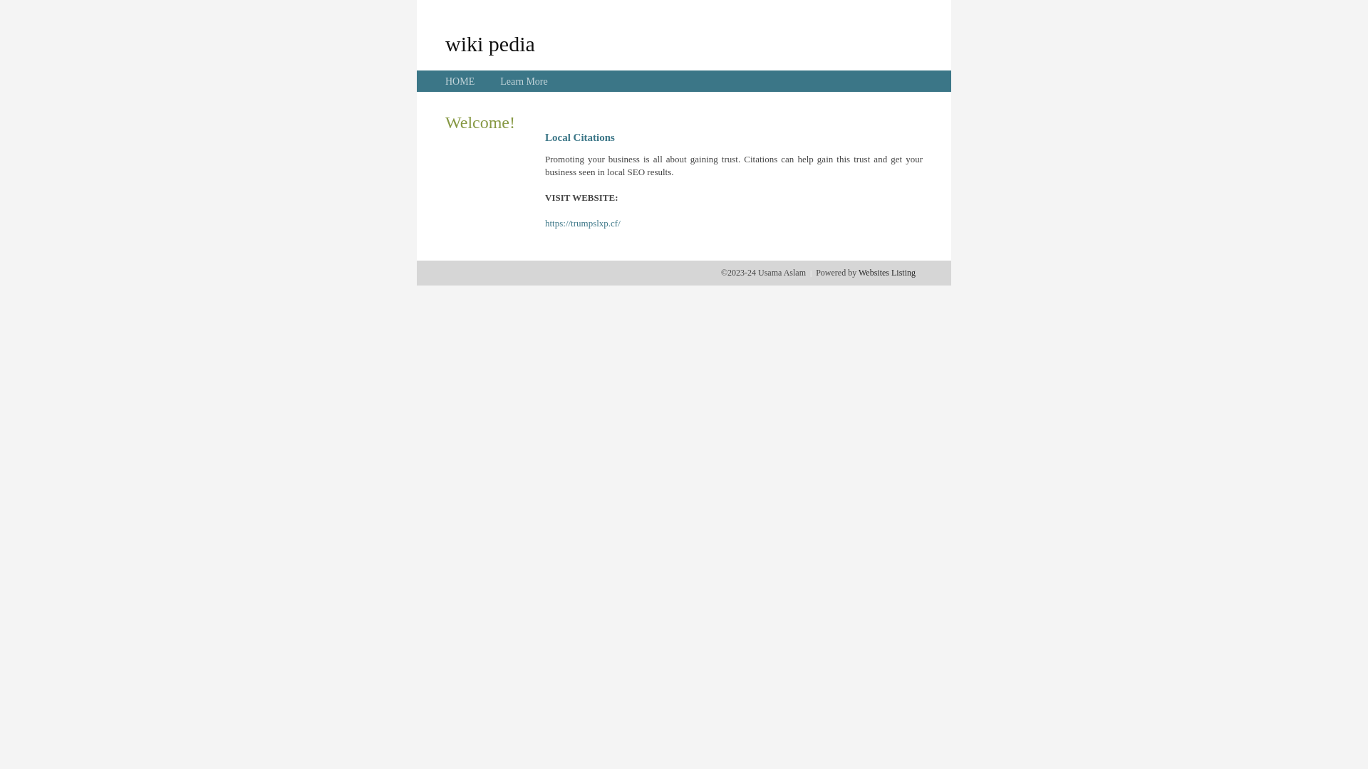 The height and width of the screenshot is (769, 1368). What do you see at coordinates (460, 81) in the screenshot?
I see `'HOME'` at bounding box center [460, 81].